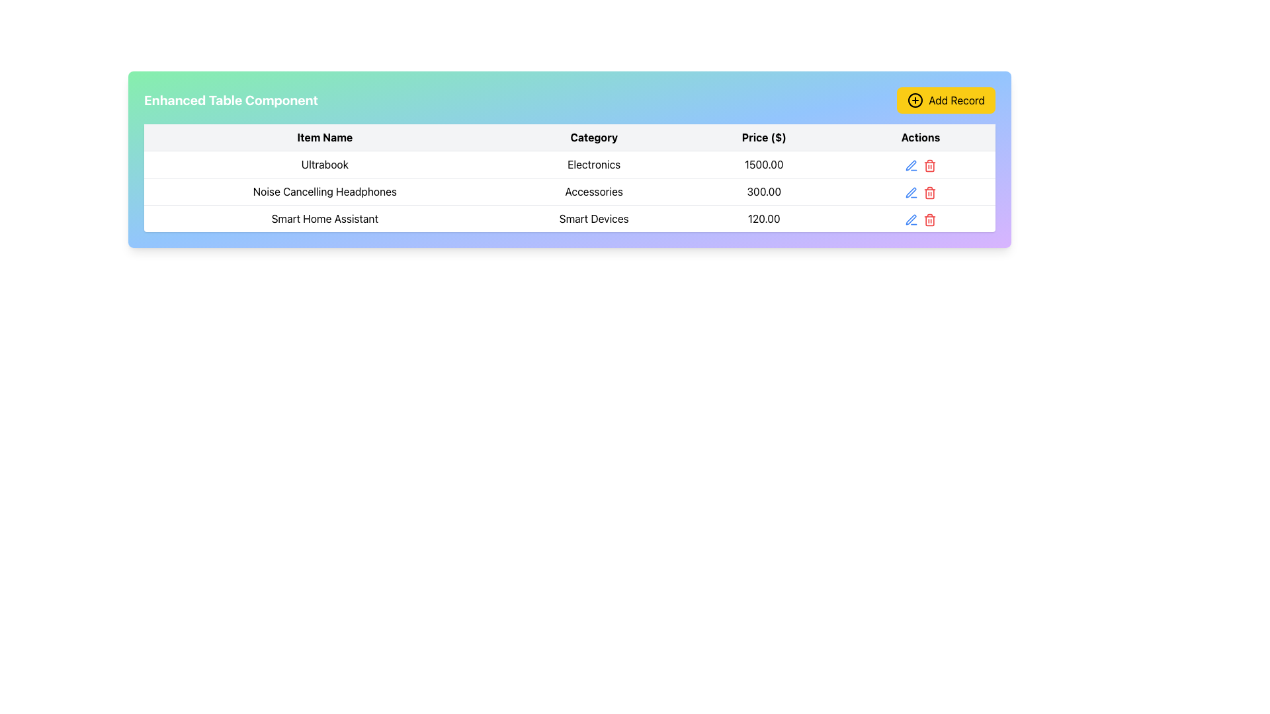 Image resolution: width=1270 pixels, height=714 pixels. Describe the element at coordinates (593, 164) in the screenshot. I see `the text display reading 'Electronics' located in the second column of the first row of the product table for 'Ultrabook'` at that location.